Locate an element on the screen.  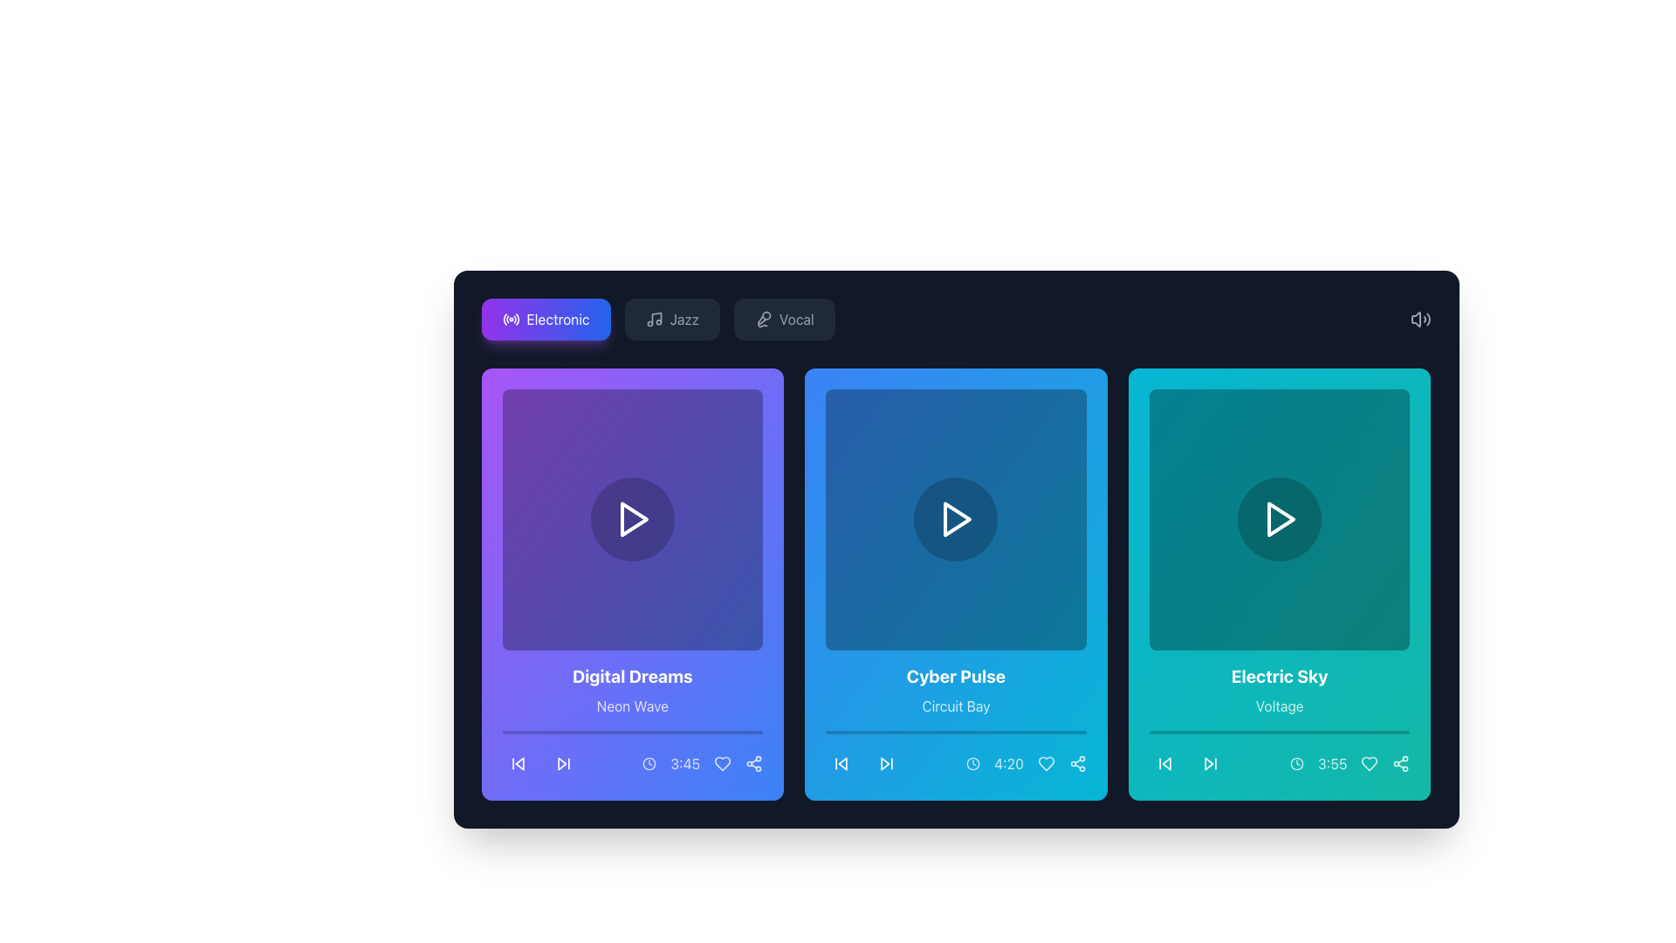
the music note icon within the 'Jazz' button is located at coordinates (653, 320).